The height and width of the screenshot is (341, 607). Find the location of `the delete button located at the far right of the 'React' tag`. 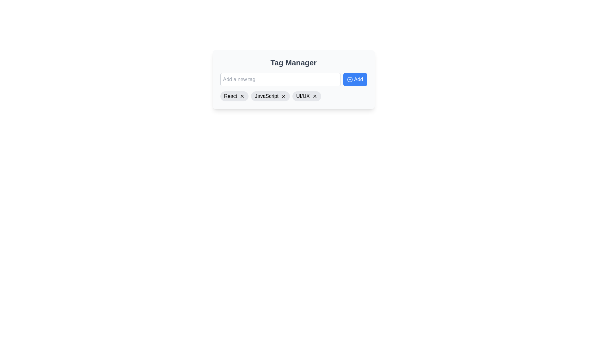

the delete button located at the far right of the 'React' tag is located at coordinates (242, 96).